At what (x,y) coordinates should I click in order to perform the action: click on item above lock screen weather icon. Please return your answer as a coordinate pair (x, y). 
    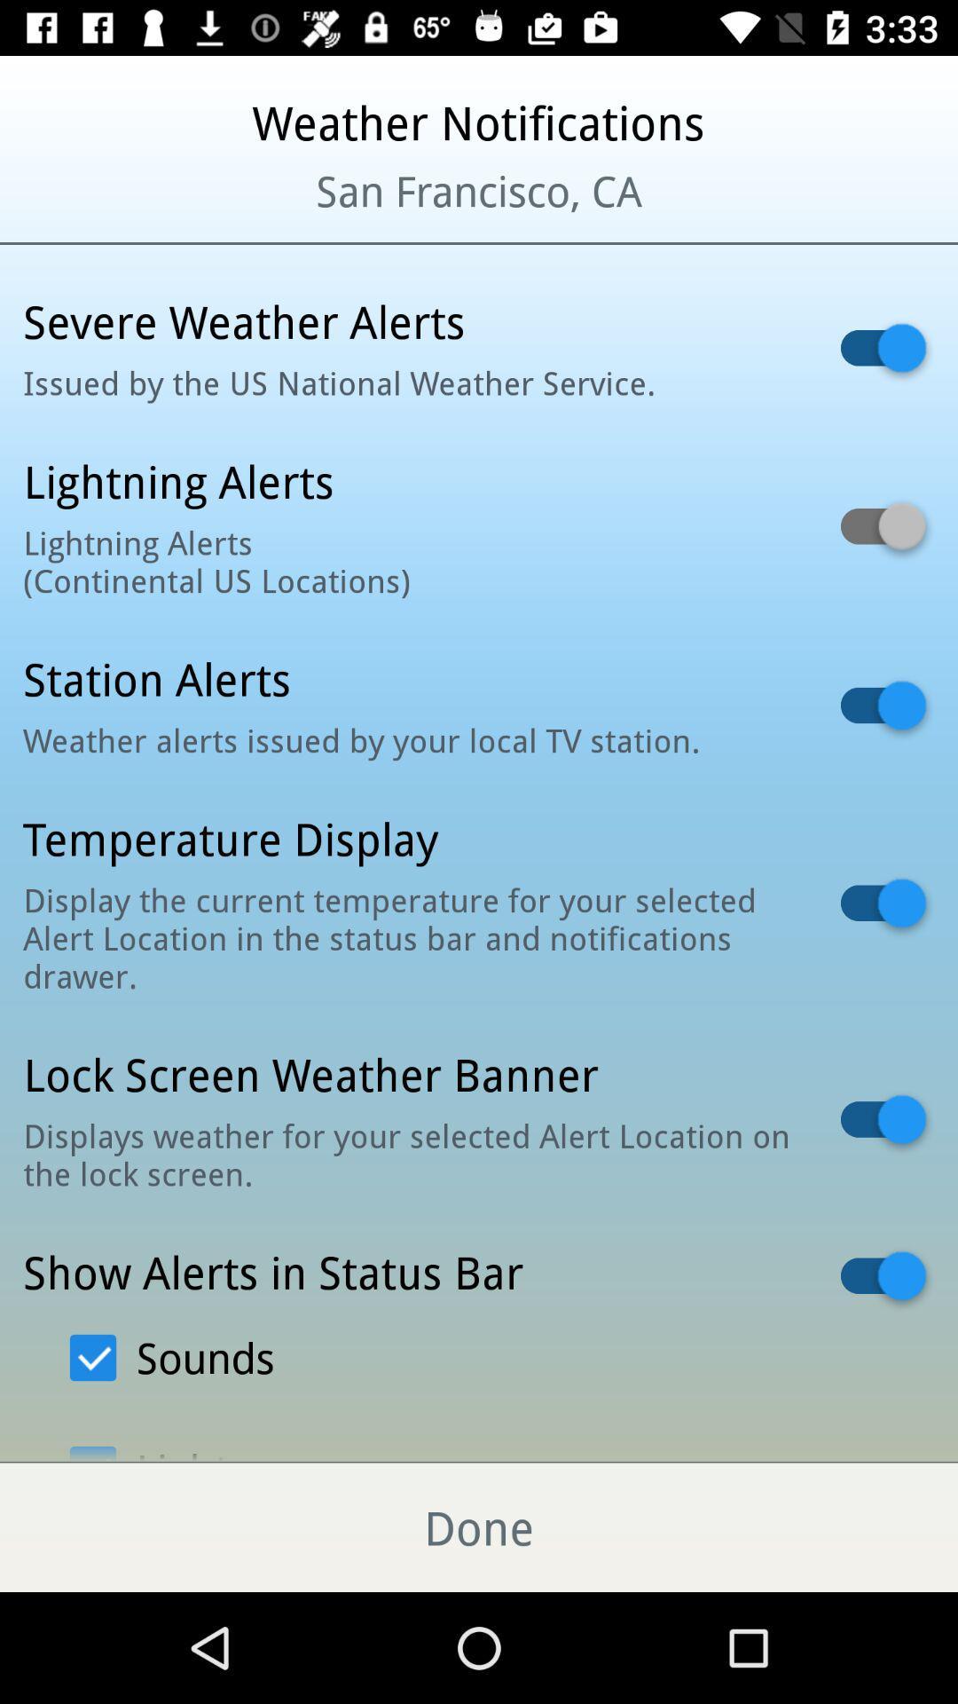
    Looking at the image, I should click on (409, 936).